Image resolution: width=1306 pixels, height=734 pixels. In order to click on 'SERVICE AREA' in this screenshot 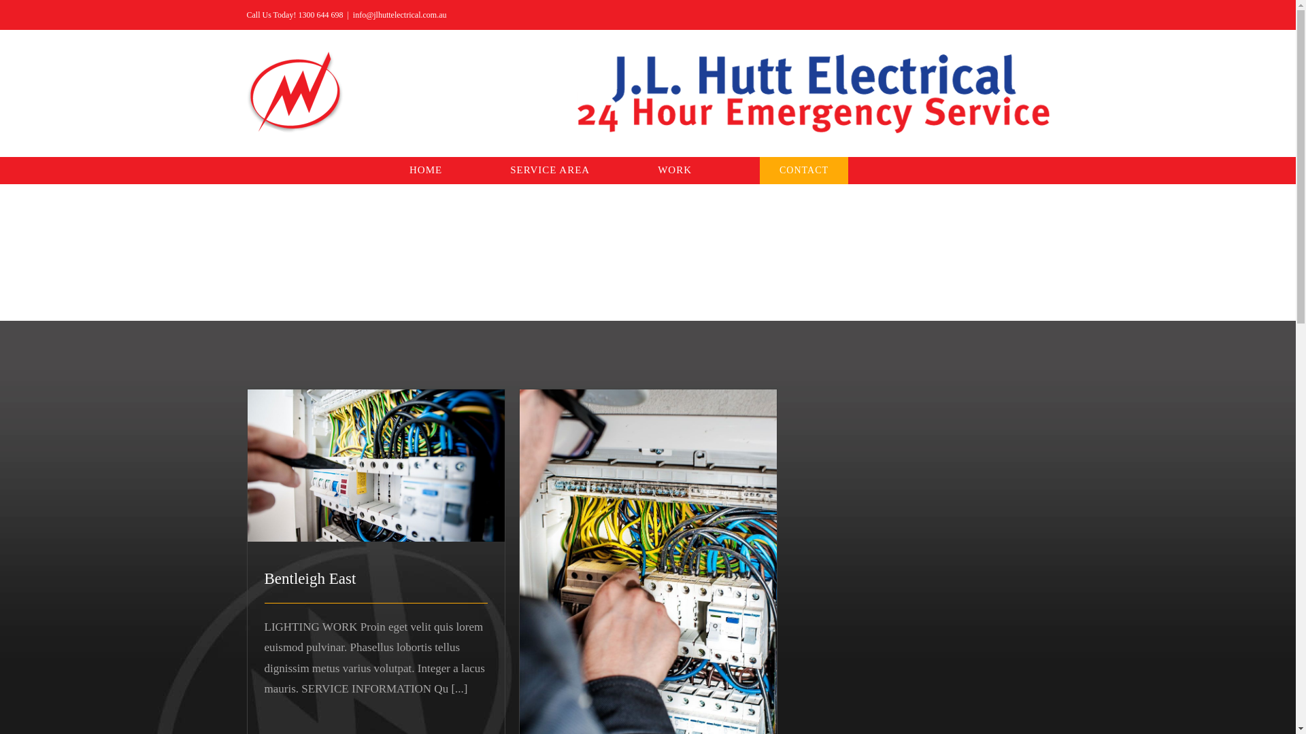, I will do `click(550, 169)`.